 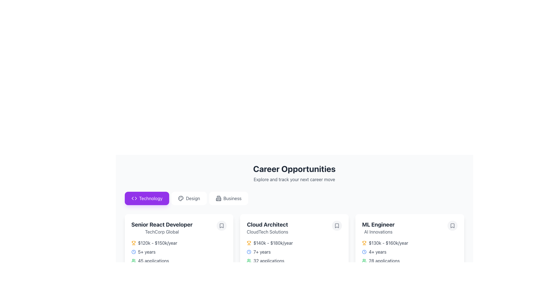 I want to click on the text label that displays the required years of experience for the Senior React Developer job posting, located in the middle of the job card, so click(x=147, y=252).